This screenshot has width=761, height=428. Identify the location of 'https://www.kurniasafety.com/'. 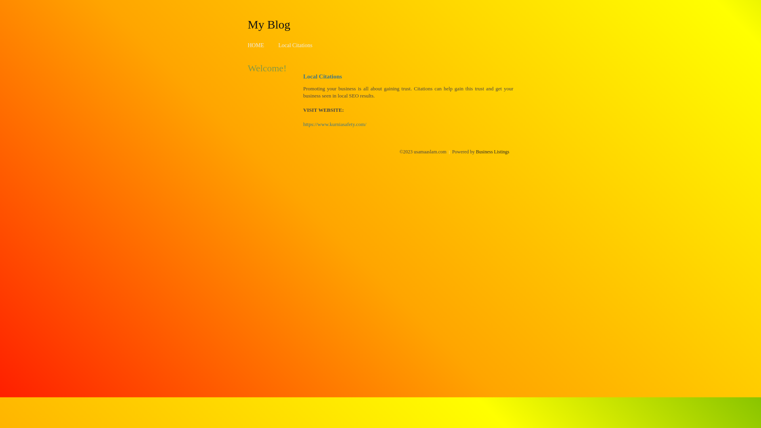
(335, 124).